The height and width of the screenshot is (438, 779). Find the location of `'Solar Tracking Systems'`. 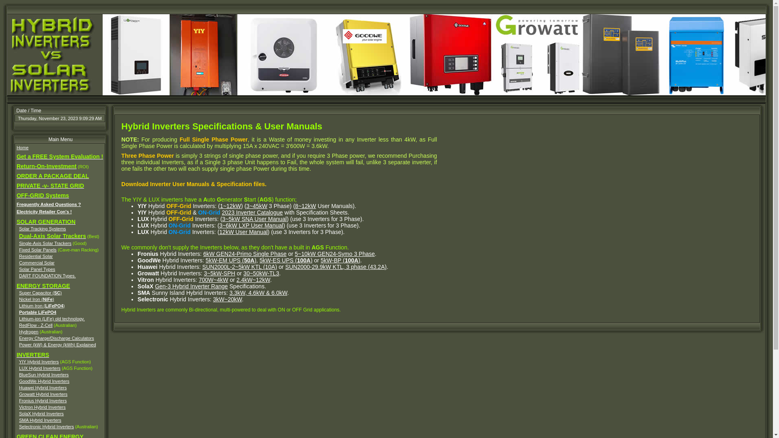

'Solar Tracking Systems' is located at coordinates (42, 228).